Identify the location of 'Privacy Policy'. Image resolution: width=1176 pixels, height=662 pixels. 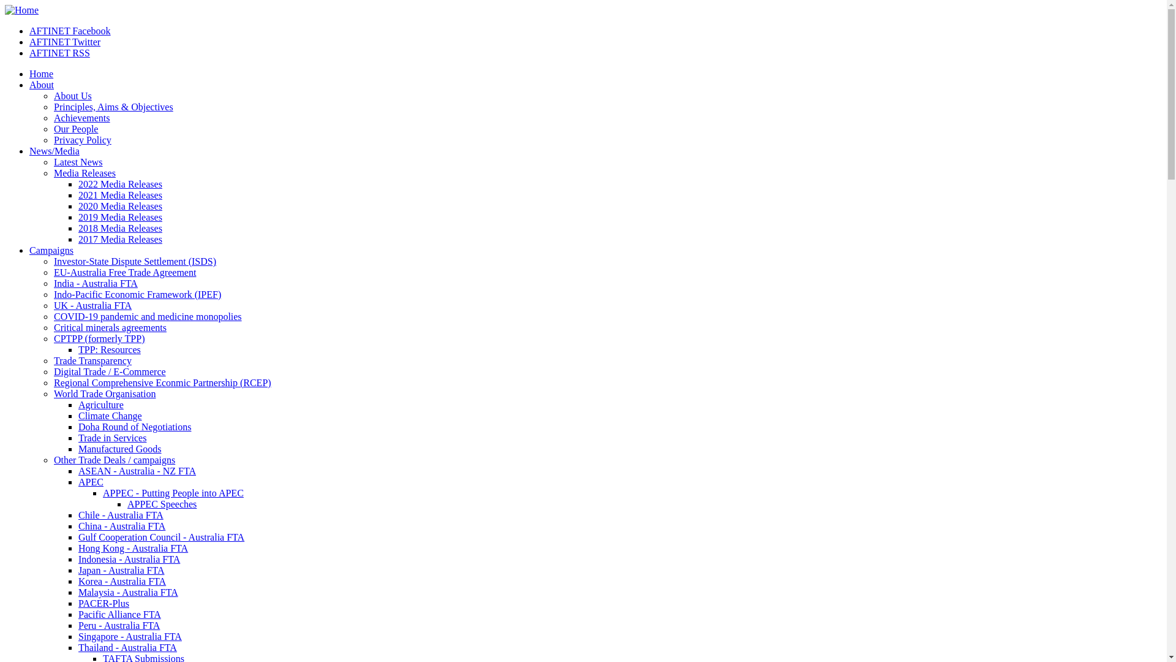
(81, 139).